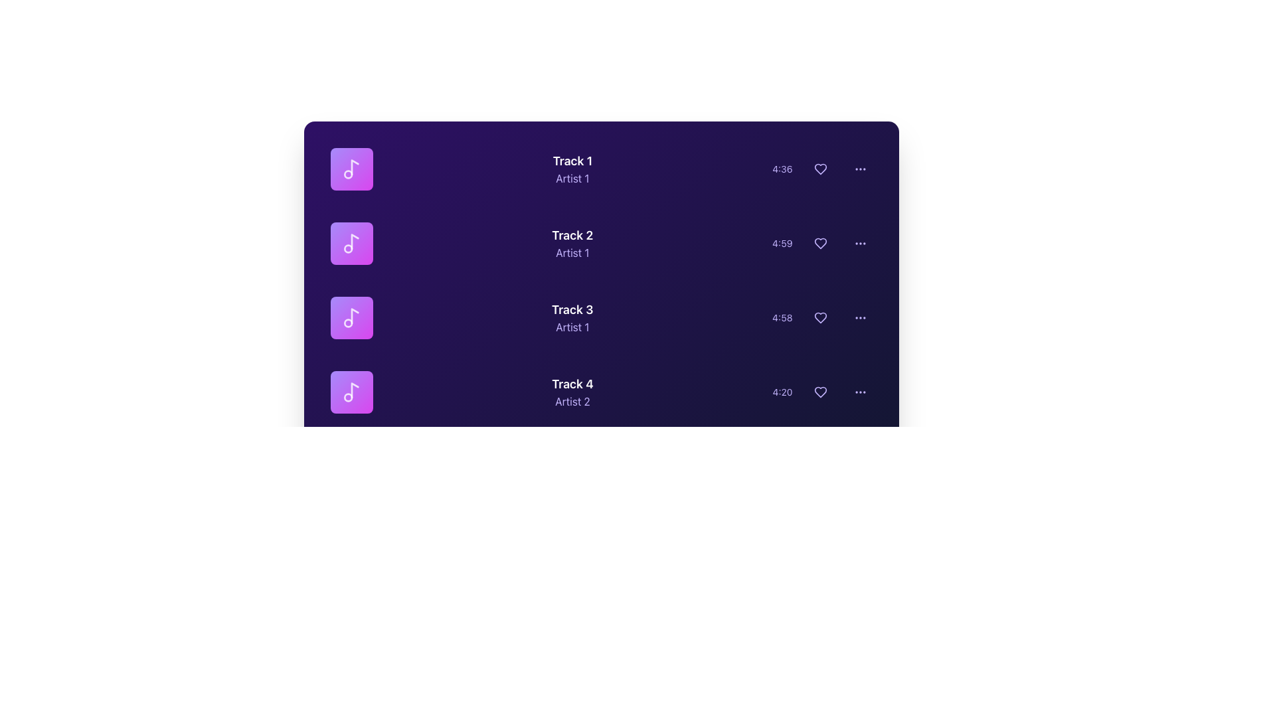 The image size is (1275, 717). What do you see at coordinates (351, 243) in the screenshot?
I see `the second music note icon on the left side of the panel, which has a circular base and a tilted rectangular stem, designed in a minimalistic style with a gradient color scheme from violet to fuchsia` at bounding box center [351, 243].